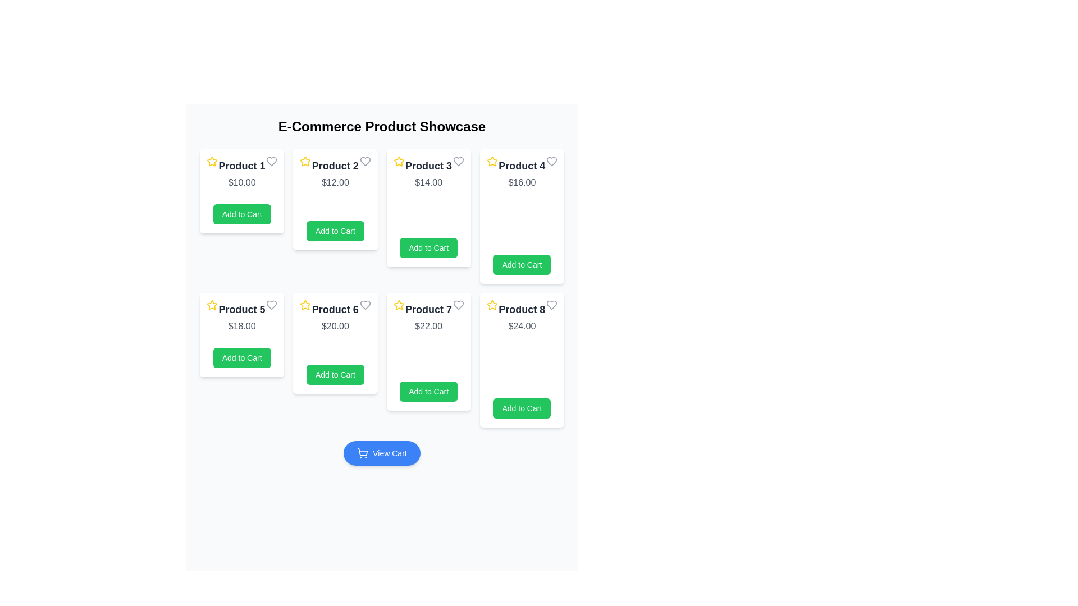 The image size is (1078, 606). Describe the element at coordinates (521, 264) in the screenshot. I see `the primary action button located at the bottom of the product card for 'Product 4', which adds the product to the shopping cart, to change its background color` at that location.